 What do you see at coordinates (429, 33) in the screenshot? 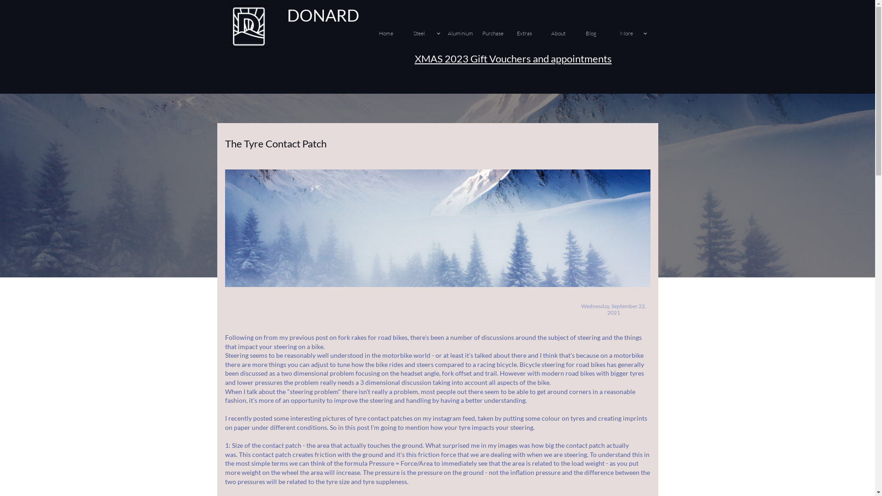
I see `'Steel'` at bounding box center [429, 33].